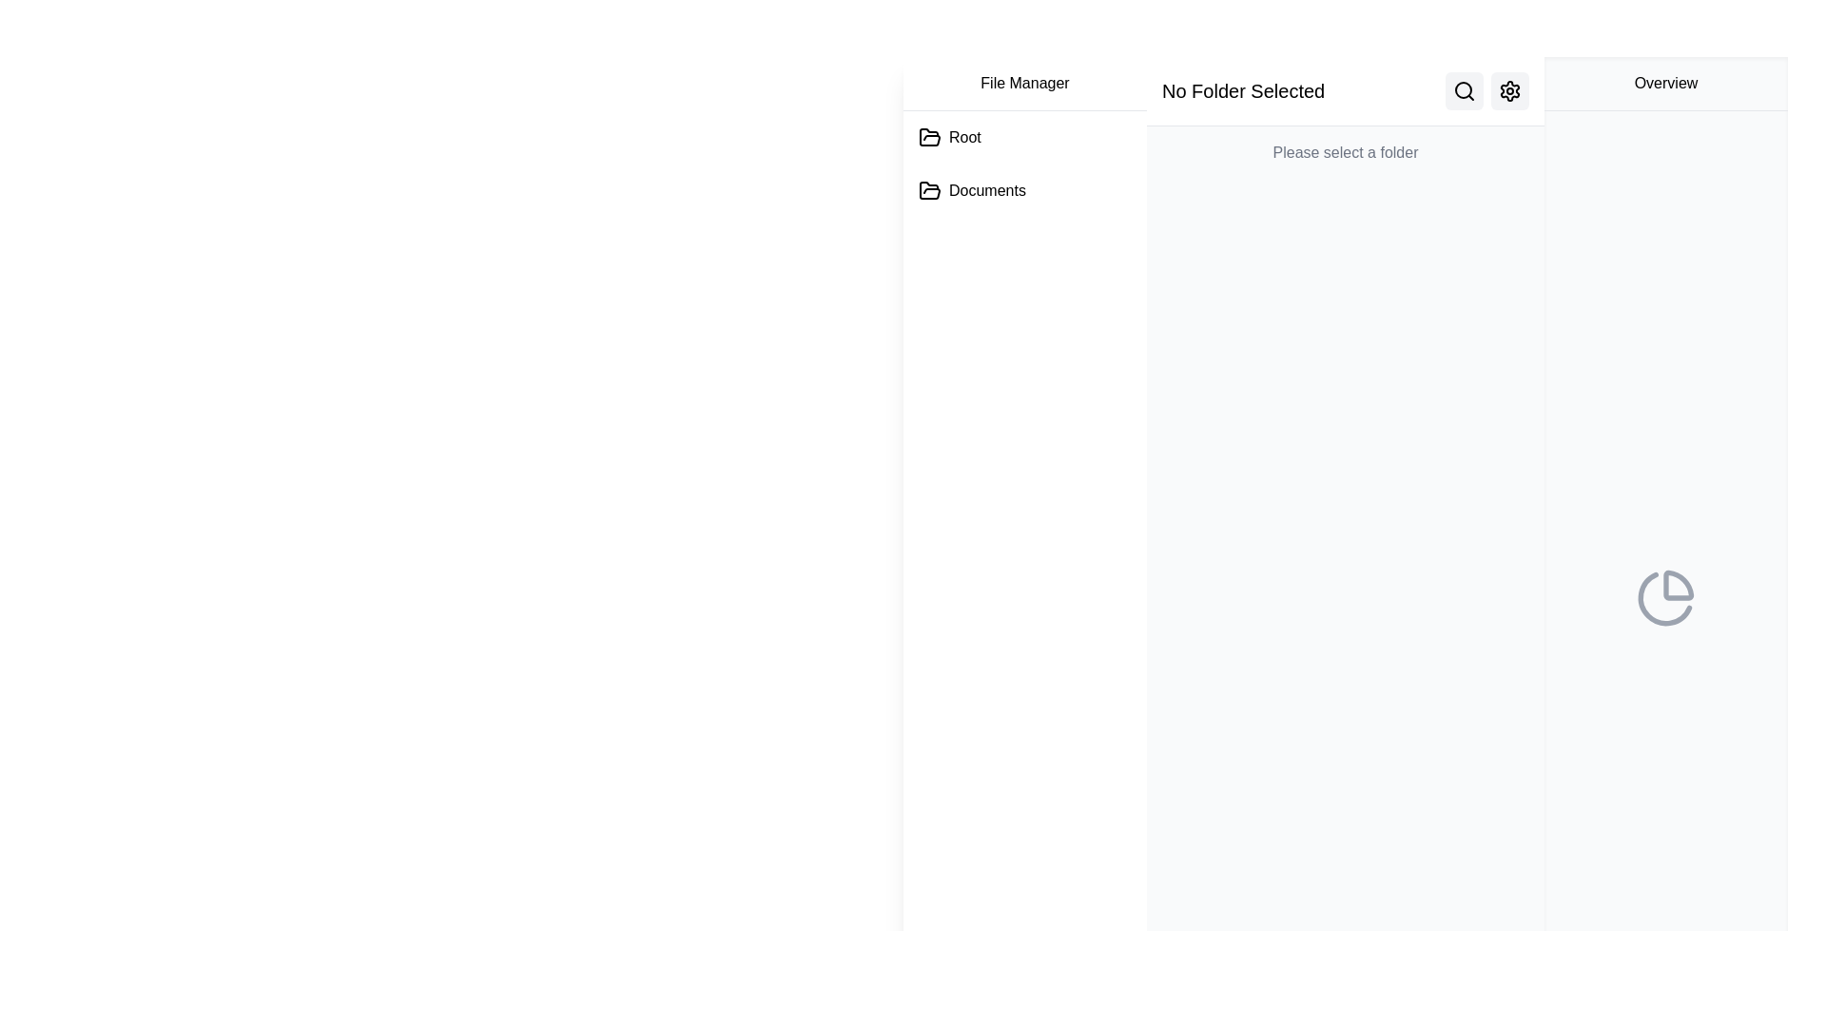  Describe the element at coordinates (1464, 91) in the screenshot. I see `the magnifying glass icon button located in the top-right section of the user interface` at that location.